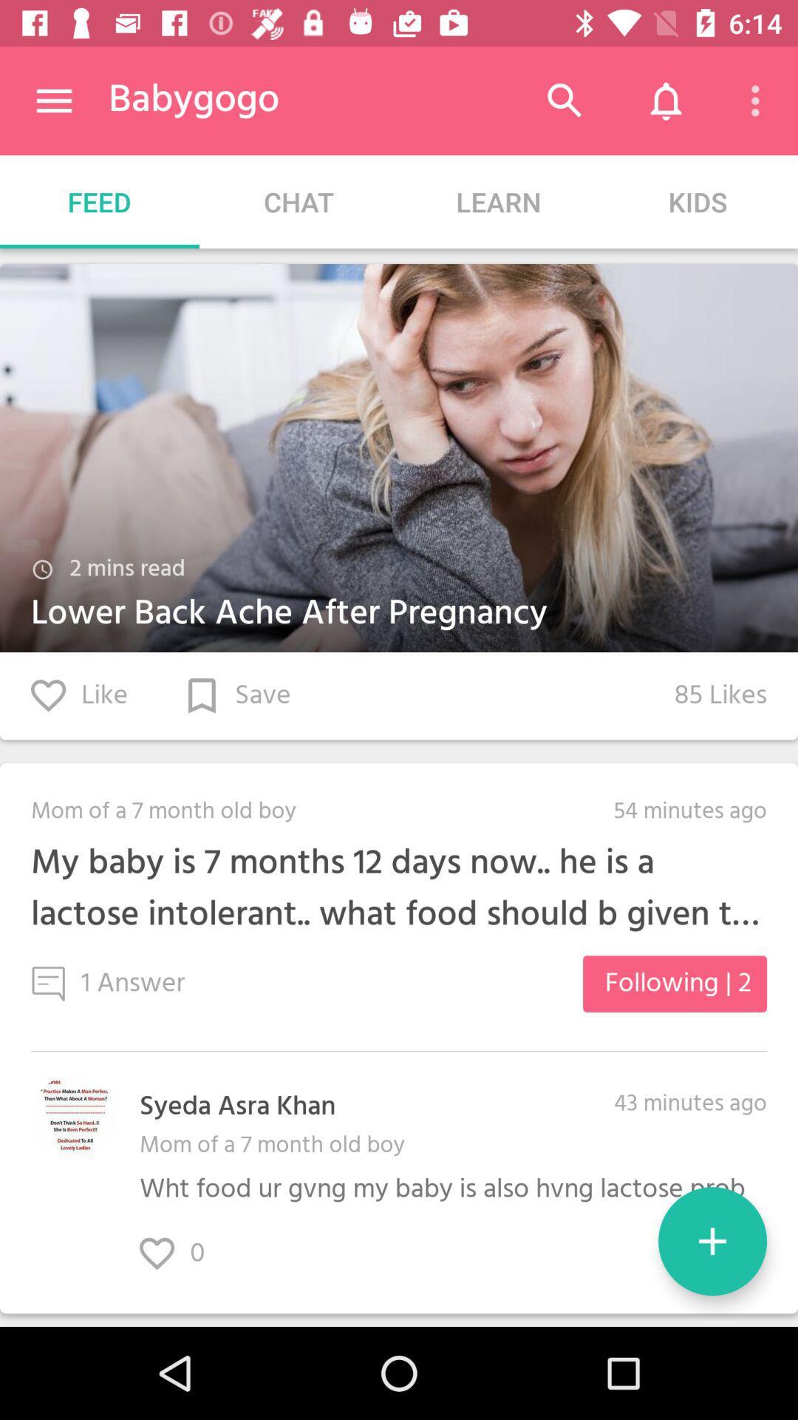  I want to click on the icon to the right of 1 answer item, so click(675, 984).